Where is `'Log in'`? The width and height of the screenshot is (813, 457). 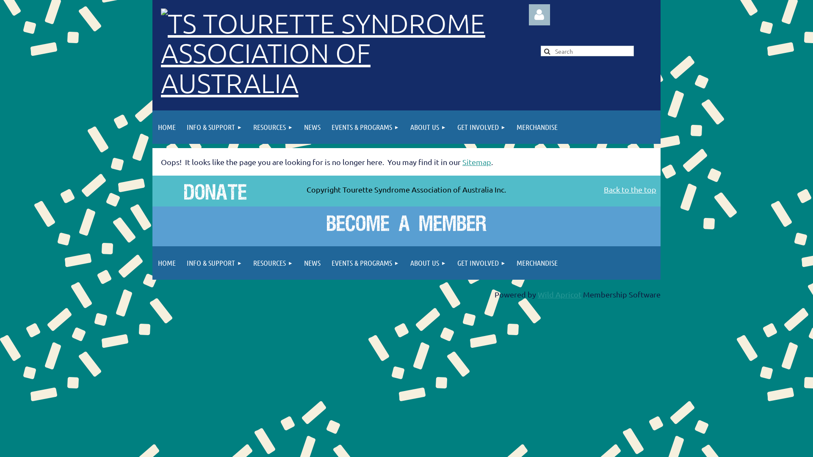 'Log in' is located at coordinates (539, 14).